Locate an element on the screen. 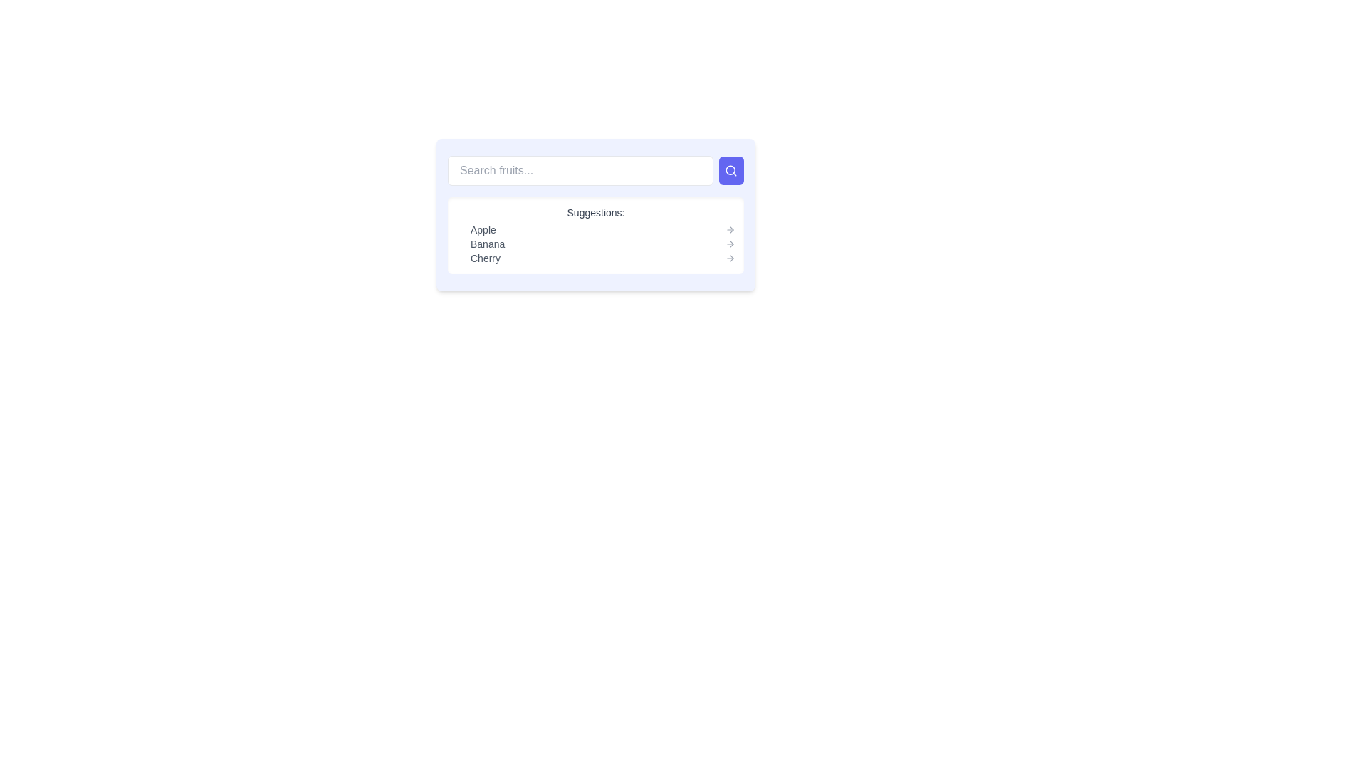  the small right-pointing arrow icon with a thin gray outline located at the far right of the suggestion 'Banana' is located at coordinates (730, 244).